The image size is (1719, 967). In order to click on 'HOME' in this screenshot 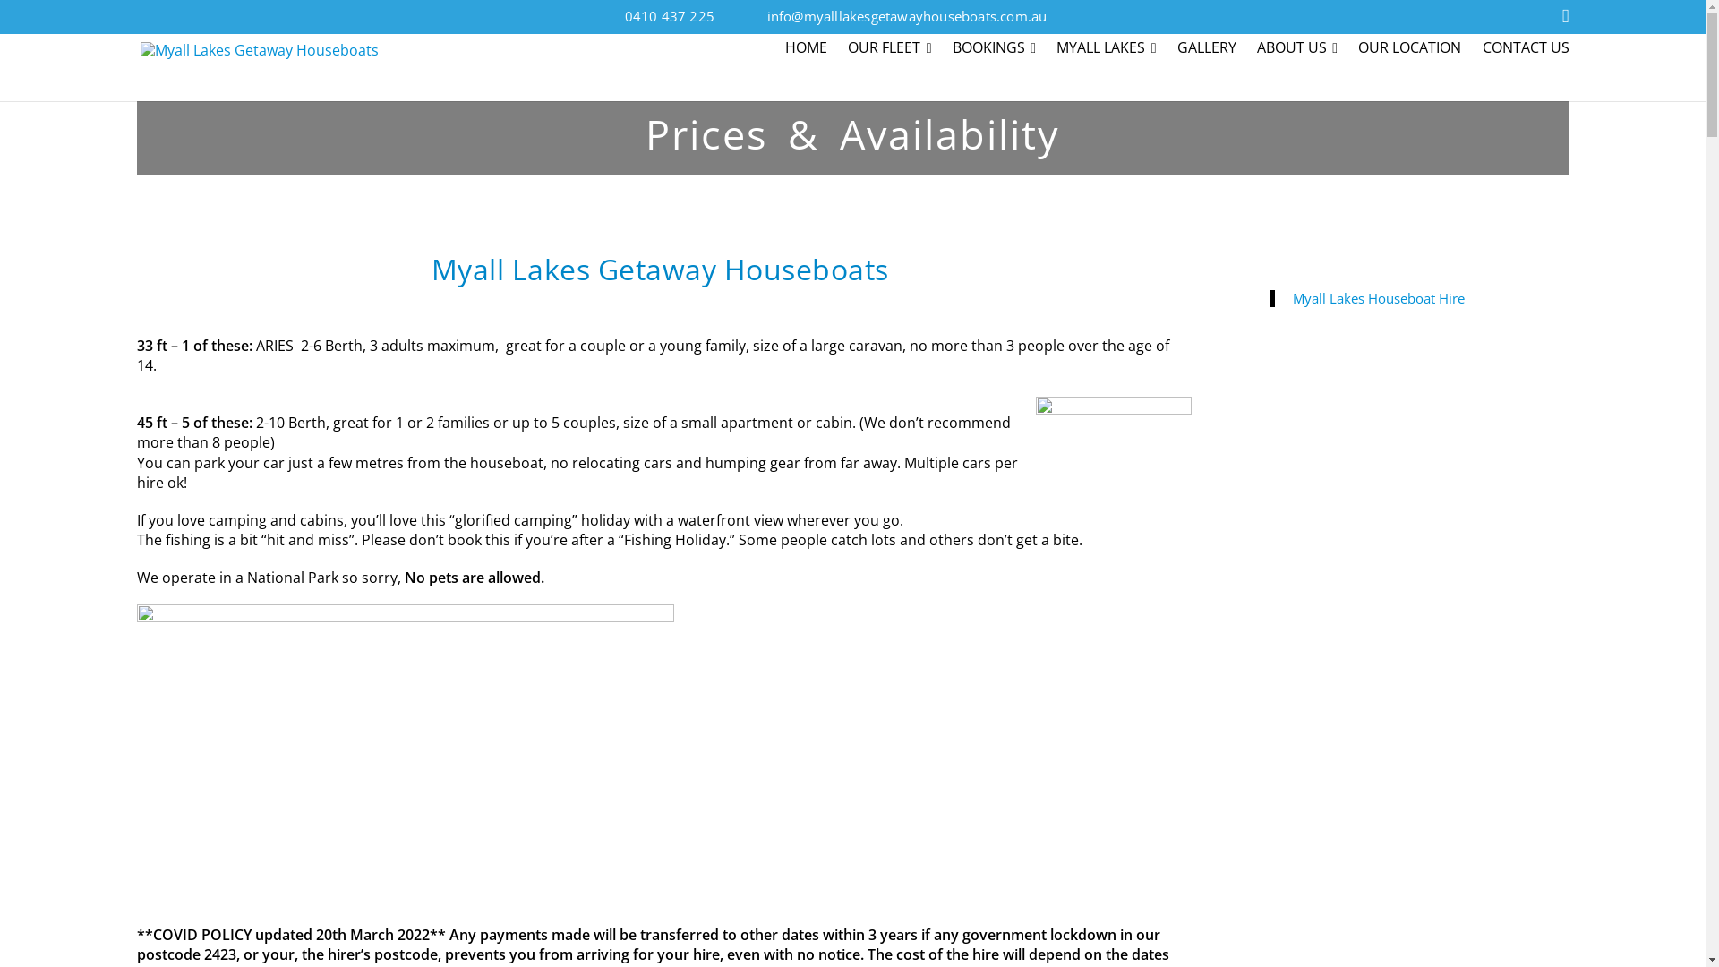, I will do `click(809, 49)`.